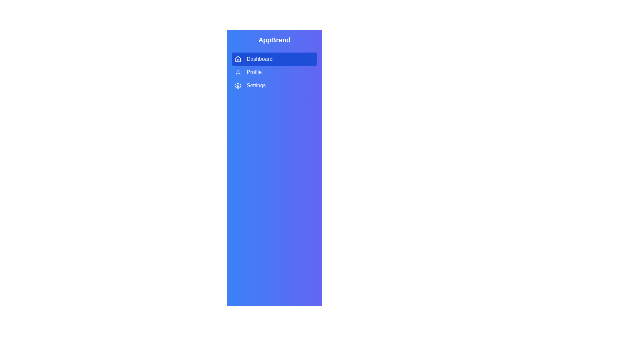 This screenshot has height=357, width=634. What do you see at coordinates (274, 63) in the screenshot?
I see `the 'Dashboard' navigation link located in the vertical navigation panel under the branding header 'AppBrand'` at bounding box center [274, 63].